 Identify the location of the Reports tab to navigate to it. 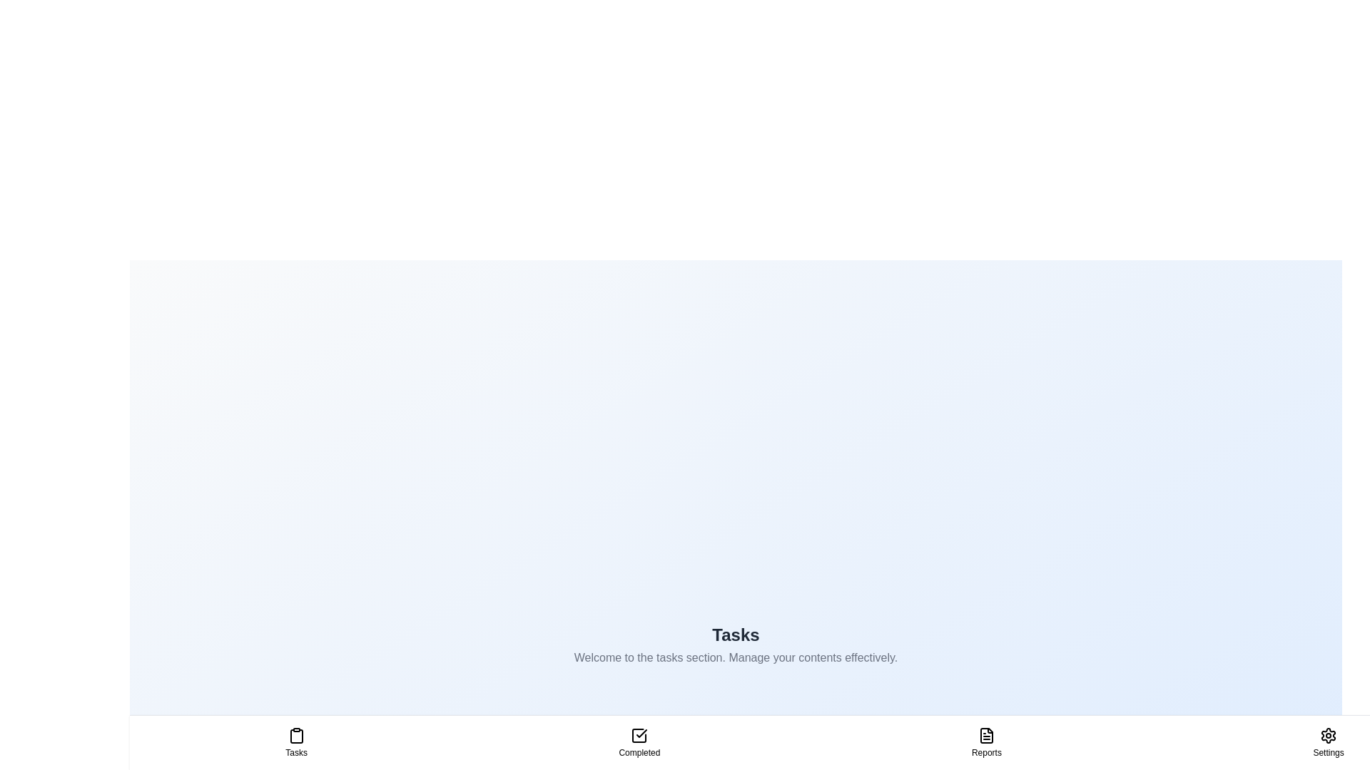
(985, 741).